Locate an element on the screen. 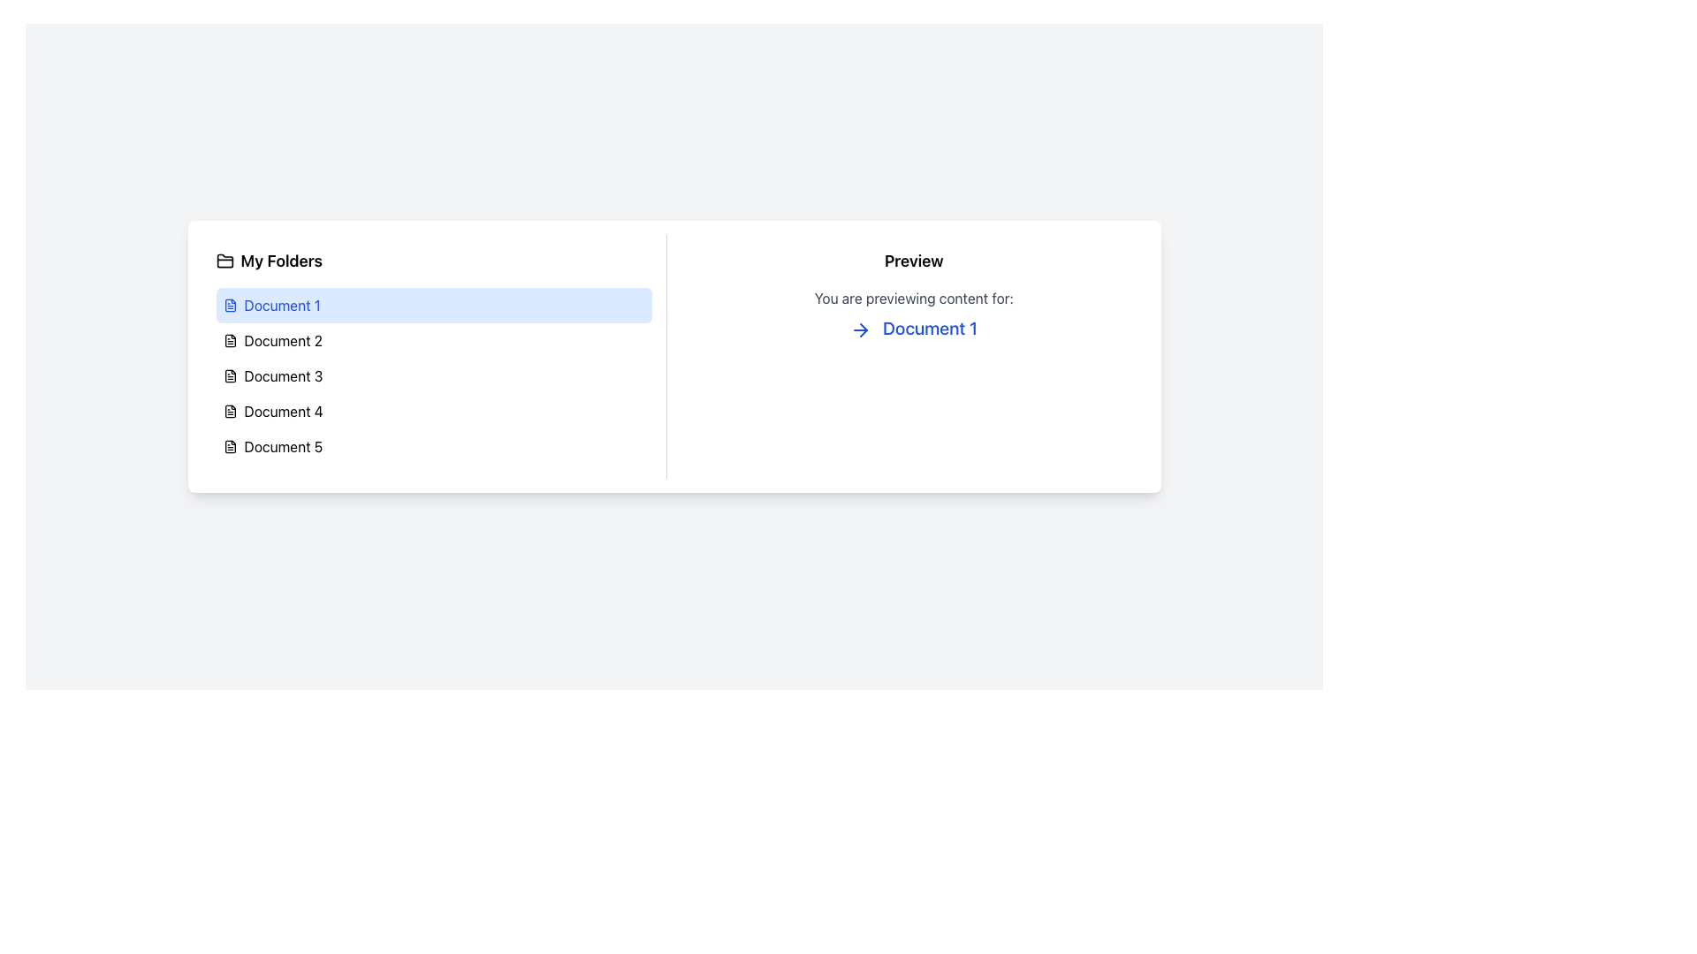 This screenshot has width=1697, height=954. the blue arrow icon located to the left of the text 'Document 1' in the preview content section is located at coordinates (861, 329).